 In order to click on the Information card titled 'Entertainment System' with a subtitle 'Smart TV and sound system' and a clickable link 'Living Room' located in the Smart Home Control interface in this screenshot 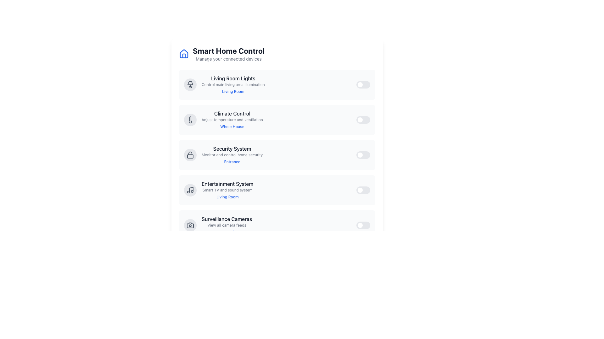, I will do `click(219, 190)`.